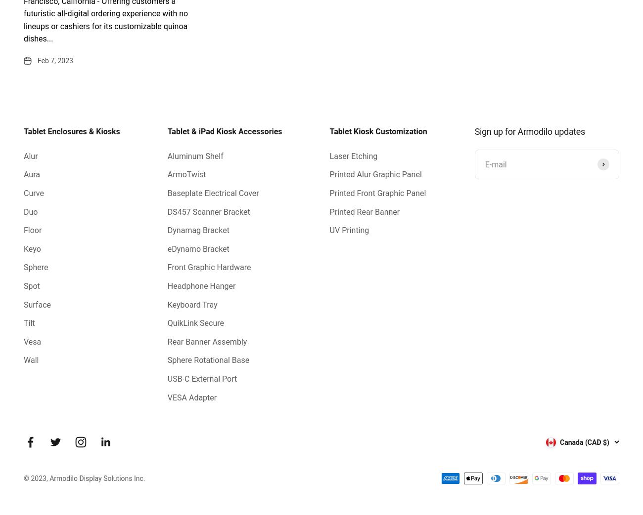 This screenshot has width=643, height=515. Describe the element at coordinates (167, 174) in the screenshot. I see `'ArmoTwist'` at that location.